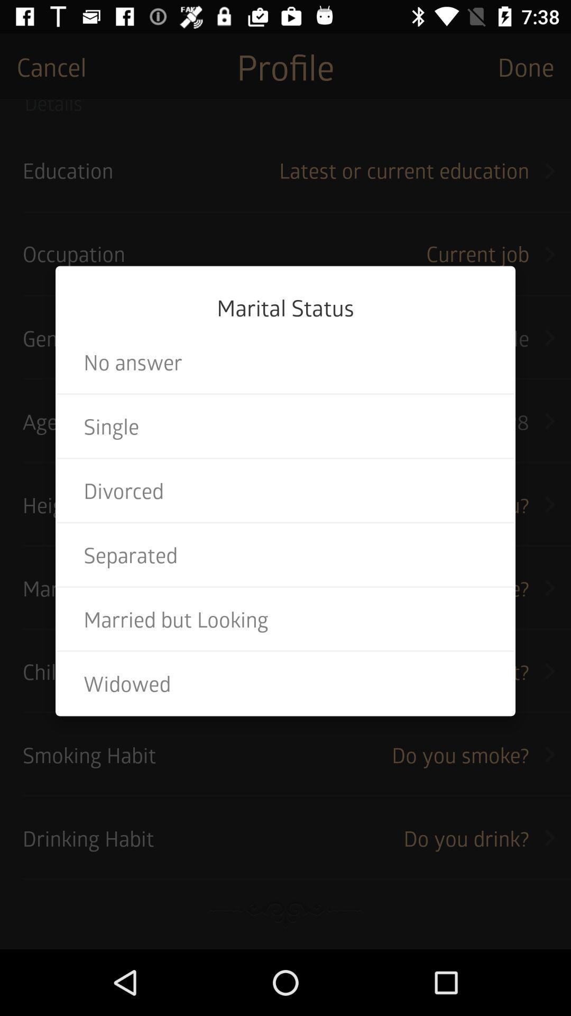 This screenshot has height=1016, width=571. What do you see at coordinates (285, 426) in the screenshot?
I see `single` at bounding box center [285, 426].